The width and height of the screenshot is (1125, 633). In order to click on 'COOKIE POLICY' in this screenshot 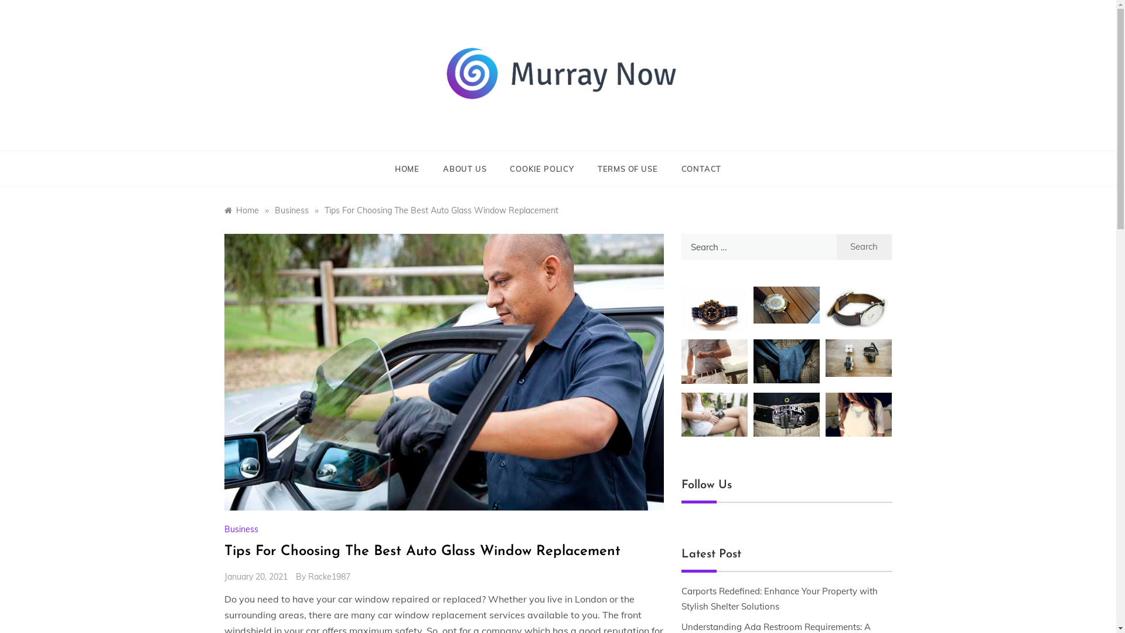, I will do `click(541, 169)`.